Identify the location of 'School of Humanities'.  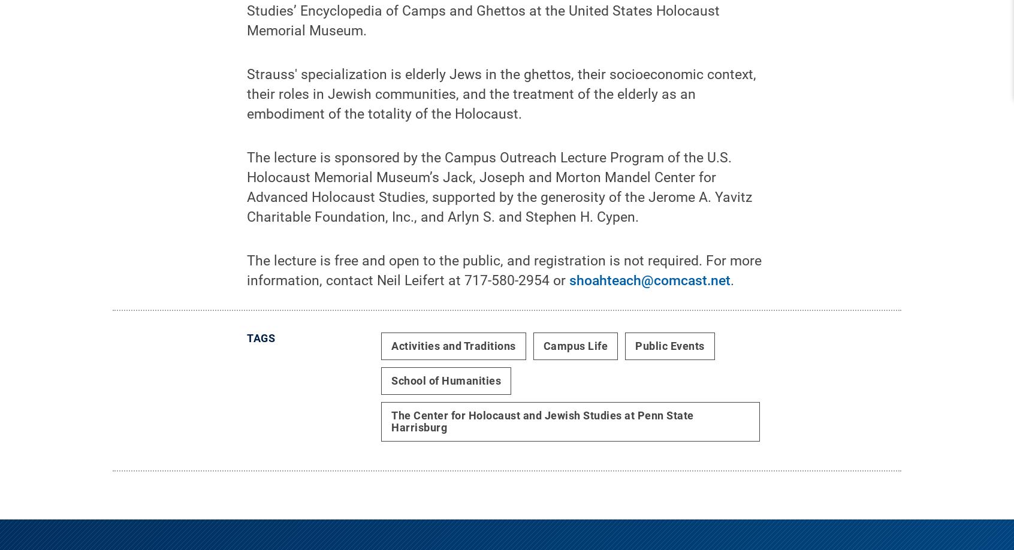
(391, 389).